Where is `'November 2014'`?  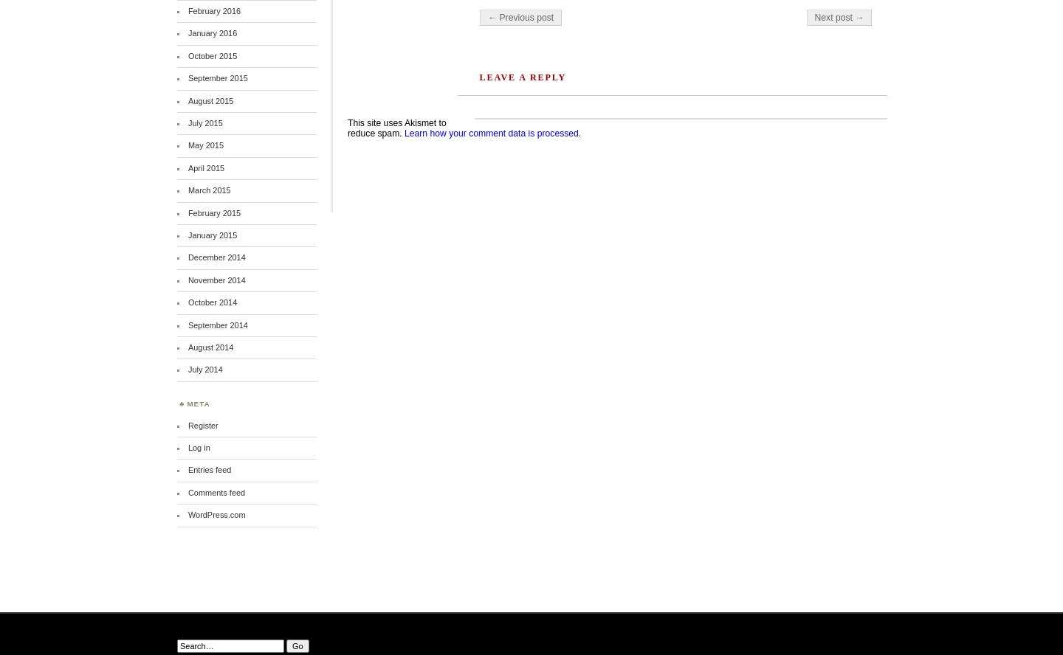 'November 2014' is located at coordinates (216, 279).